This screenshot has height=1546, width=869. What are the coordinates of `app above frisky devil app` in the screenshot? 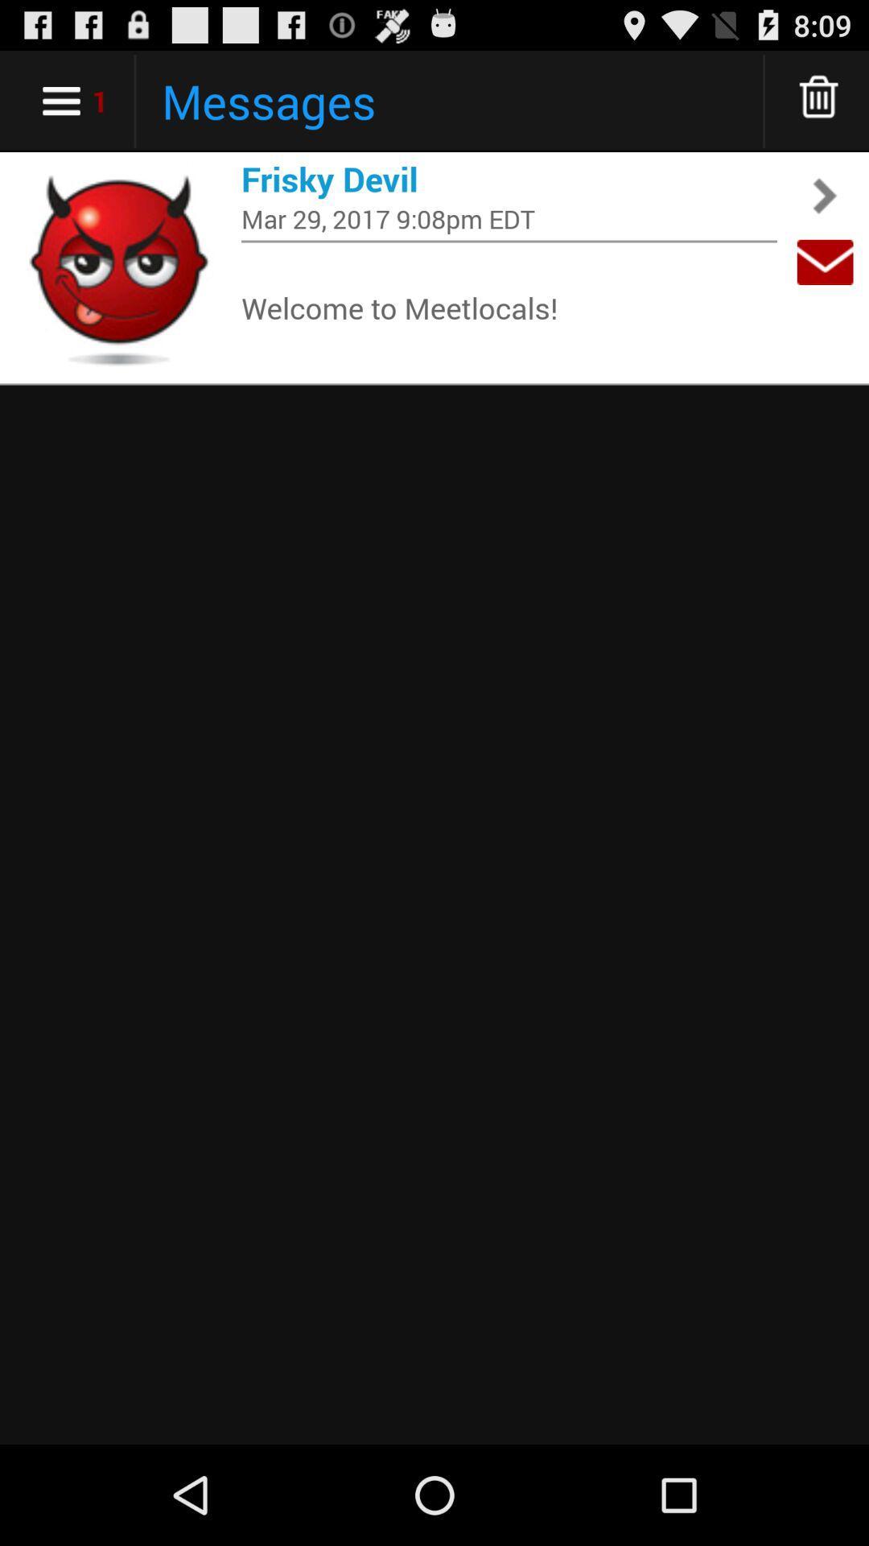 It's located at (819, 100).